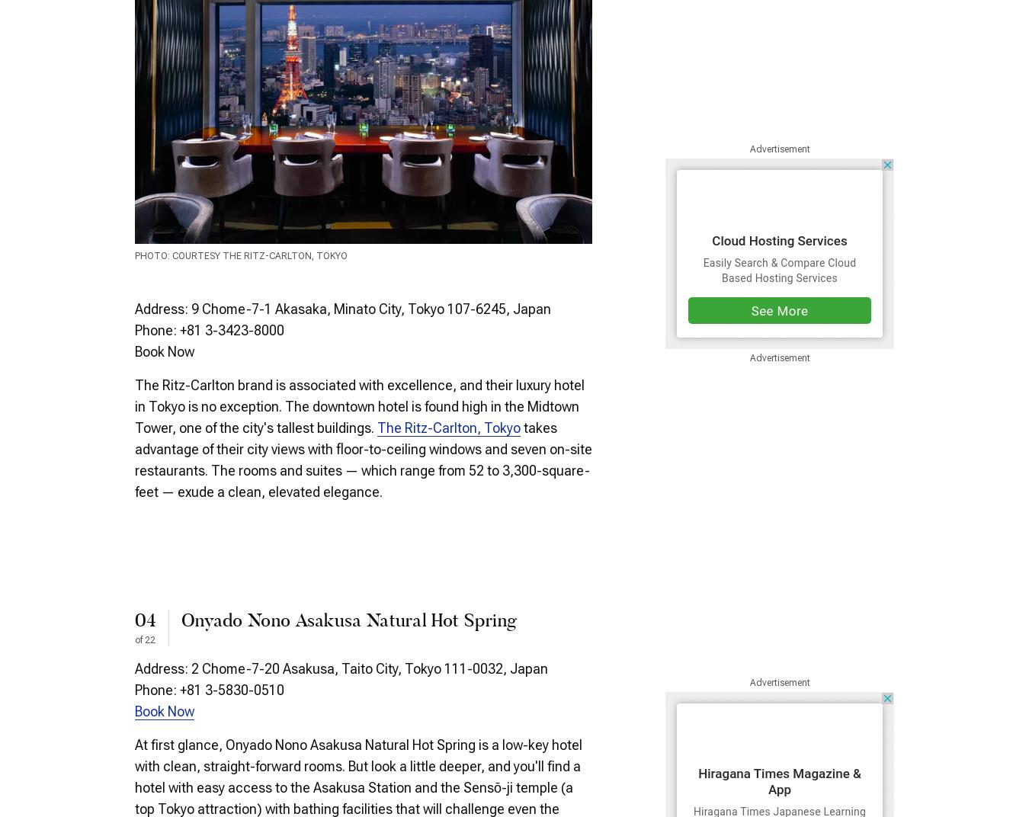 The width and height of the screenshot is (1029, 817). What do you see at coordinates (449, 426) in the screenshot?
I see `'The Ritz-Carlton, Tokyo'` at bounding box center [449, 426].